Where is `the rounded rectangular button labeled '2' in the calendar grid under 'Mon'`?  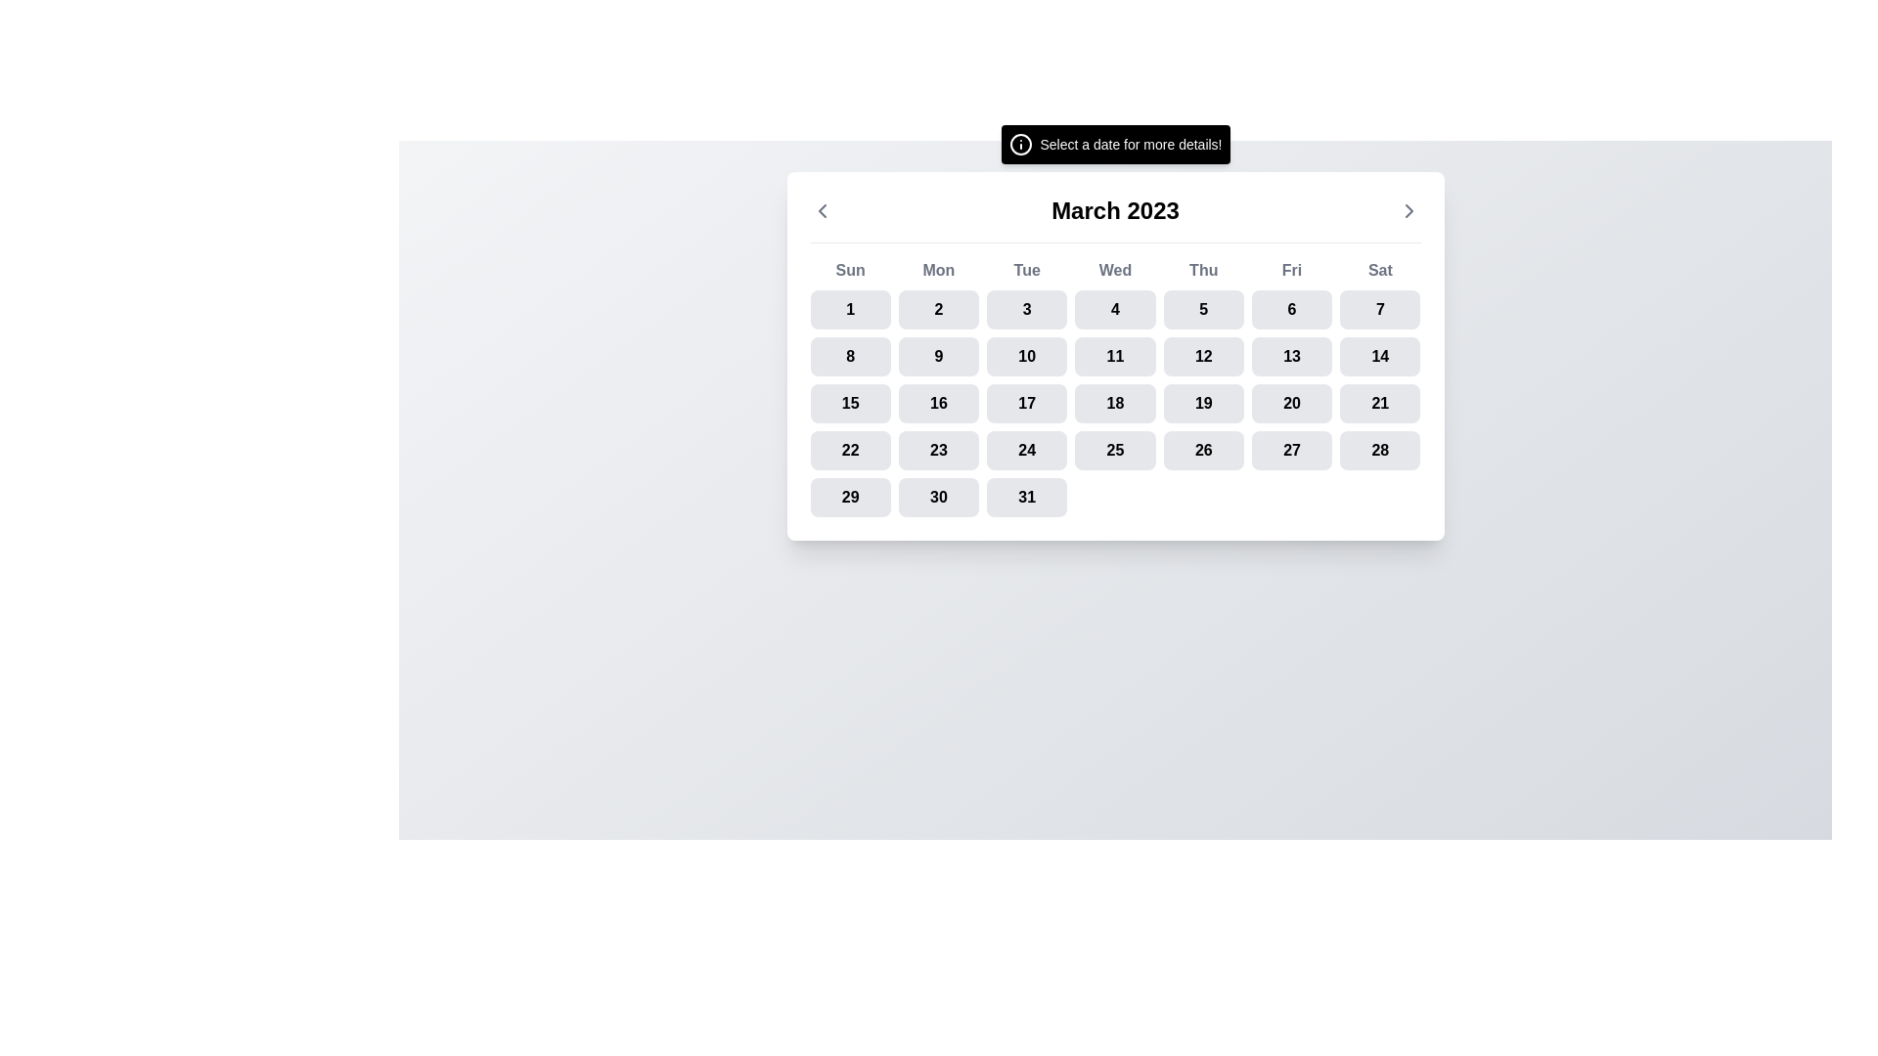
the rounded rectangular button labeled '2' in the calendar grid under 'Mon' is located at coordinates (939, 308).